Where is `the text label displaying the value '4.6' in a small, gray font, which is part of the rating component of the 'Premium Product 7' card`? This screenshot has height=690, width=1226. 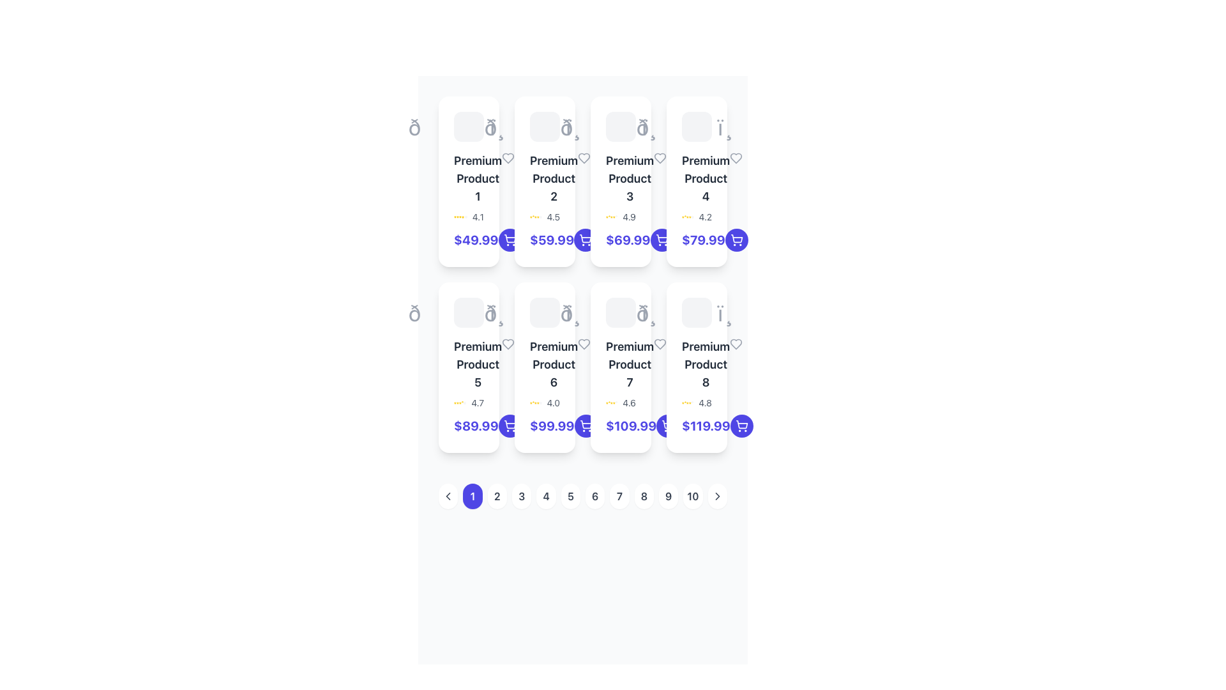 the text label displaying the value '4.6' in a small, gray font, which is part of the rating component of the 'Premium Product 7' card is located at coordinates (629, 403).